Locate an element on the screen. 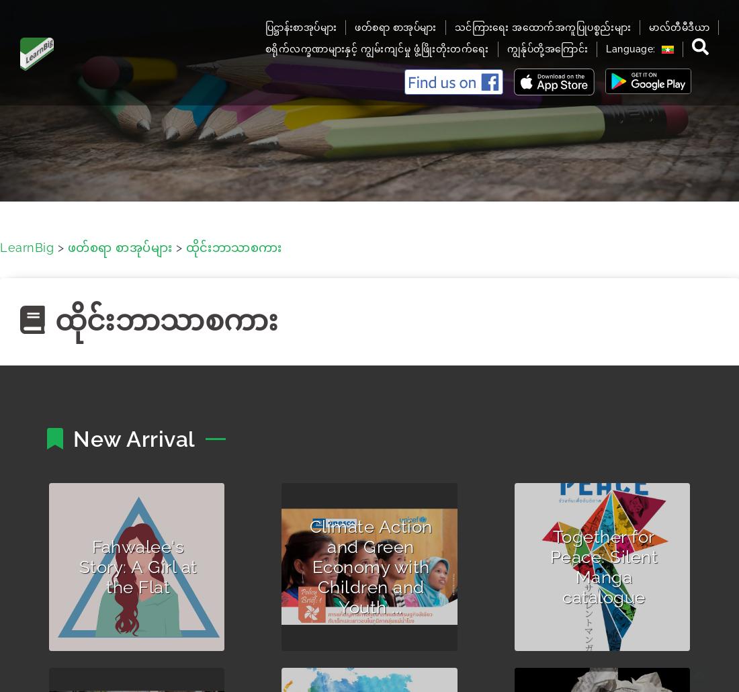 This screenshot has height=692, width=739. 'This Together for Peace Silent Manga Catalogue is a compilation of silent man...' is located at coordinates (533, 650).